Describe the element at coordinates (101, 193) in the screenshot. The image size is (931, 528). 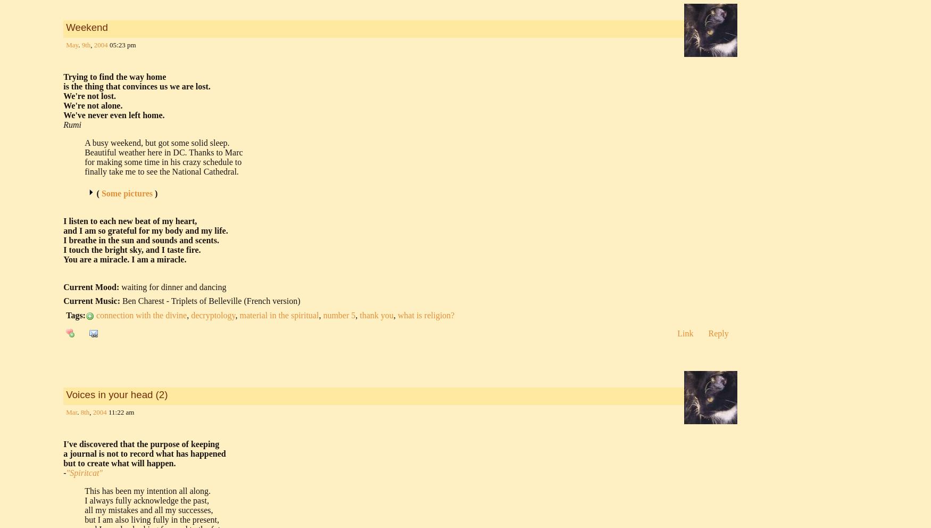
I see `'Some pictures'` at that location.